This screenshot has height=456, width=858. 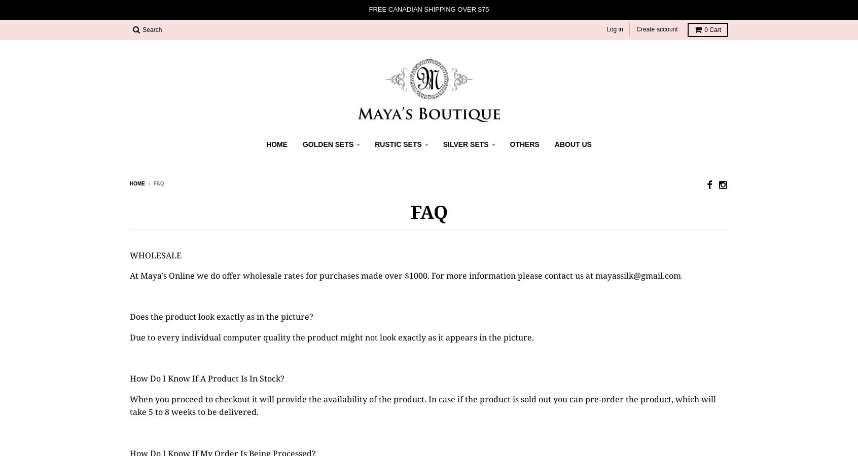 I want to click on 'FREE CANADIAN SHIPPING OVER $75', so click(x=368, y=9).